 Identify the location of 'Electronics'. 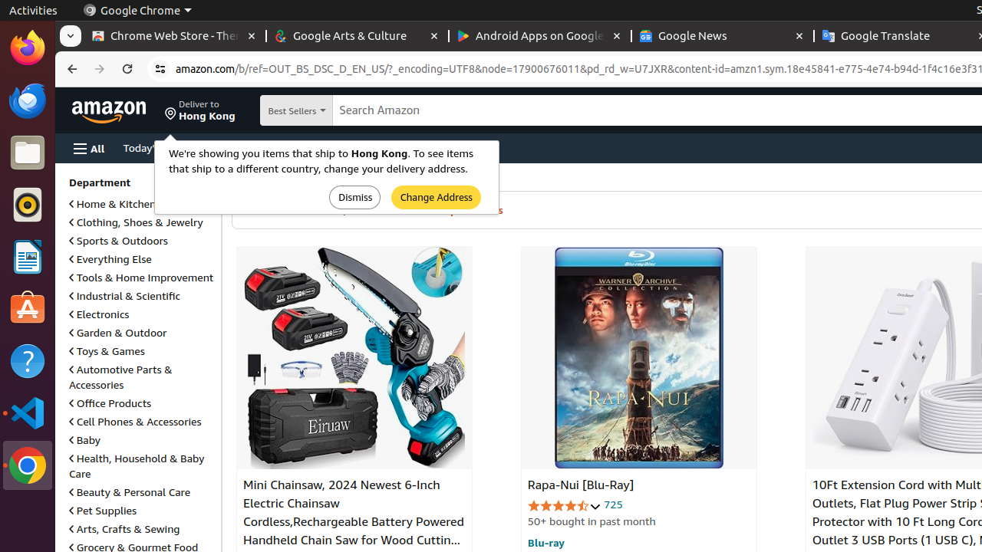
(98, 313).